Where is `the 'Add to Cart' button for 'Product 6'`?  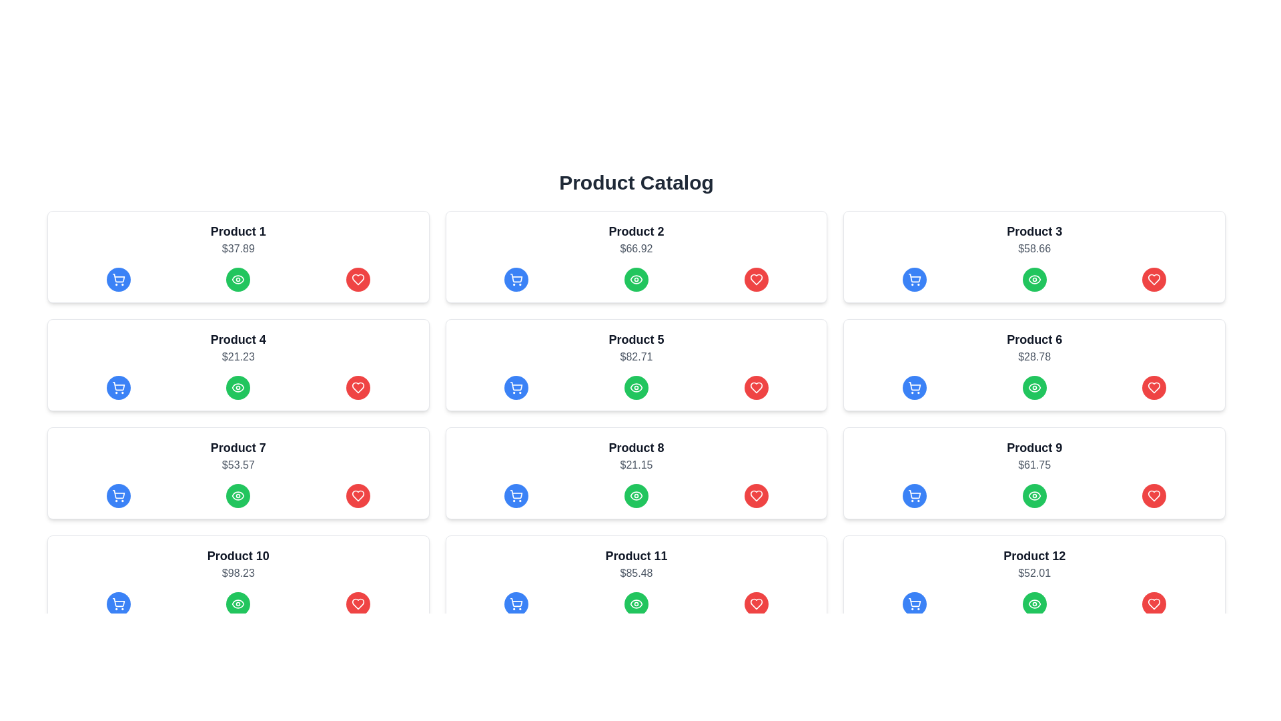
the 'Add to Cart' button for 'Product 6' is located at coordinates (914, 388).